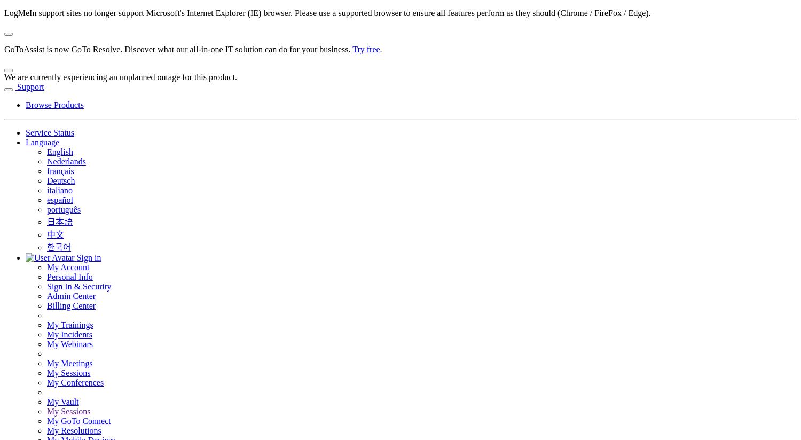 The width and height of the screenshot is (801, 440). What do you see at coordinates (46, 334) in the screenshot?
I see `'My Incidents'` at bounding box center [46, 334].